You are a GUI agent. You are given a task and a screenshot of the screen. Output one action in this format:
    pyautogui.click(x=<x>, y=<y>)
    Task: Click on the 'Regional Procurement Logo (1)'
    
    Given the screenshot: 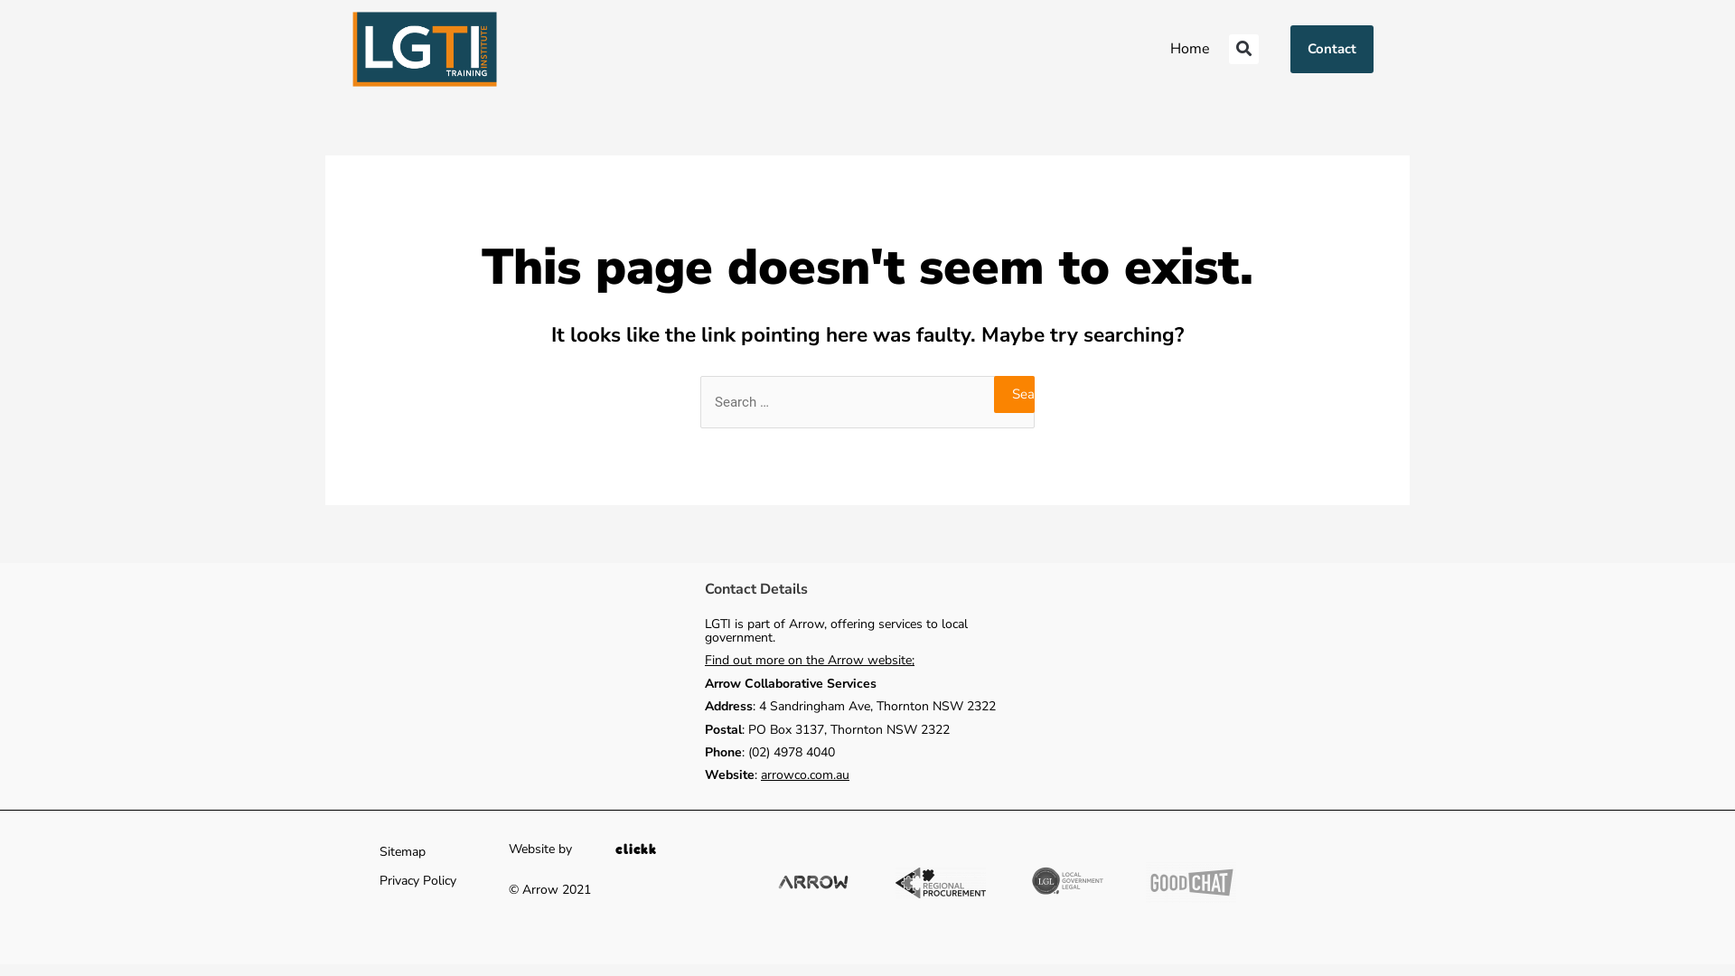 What is the action you would take?
    pyautogui.click(x=940, y=881)
    